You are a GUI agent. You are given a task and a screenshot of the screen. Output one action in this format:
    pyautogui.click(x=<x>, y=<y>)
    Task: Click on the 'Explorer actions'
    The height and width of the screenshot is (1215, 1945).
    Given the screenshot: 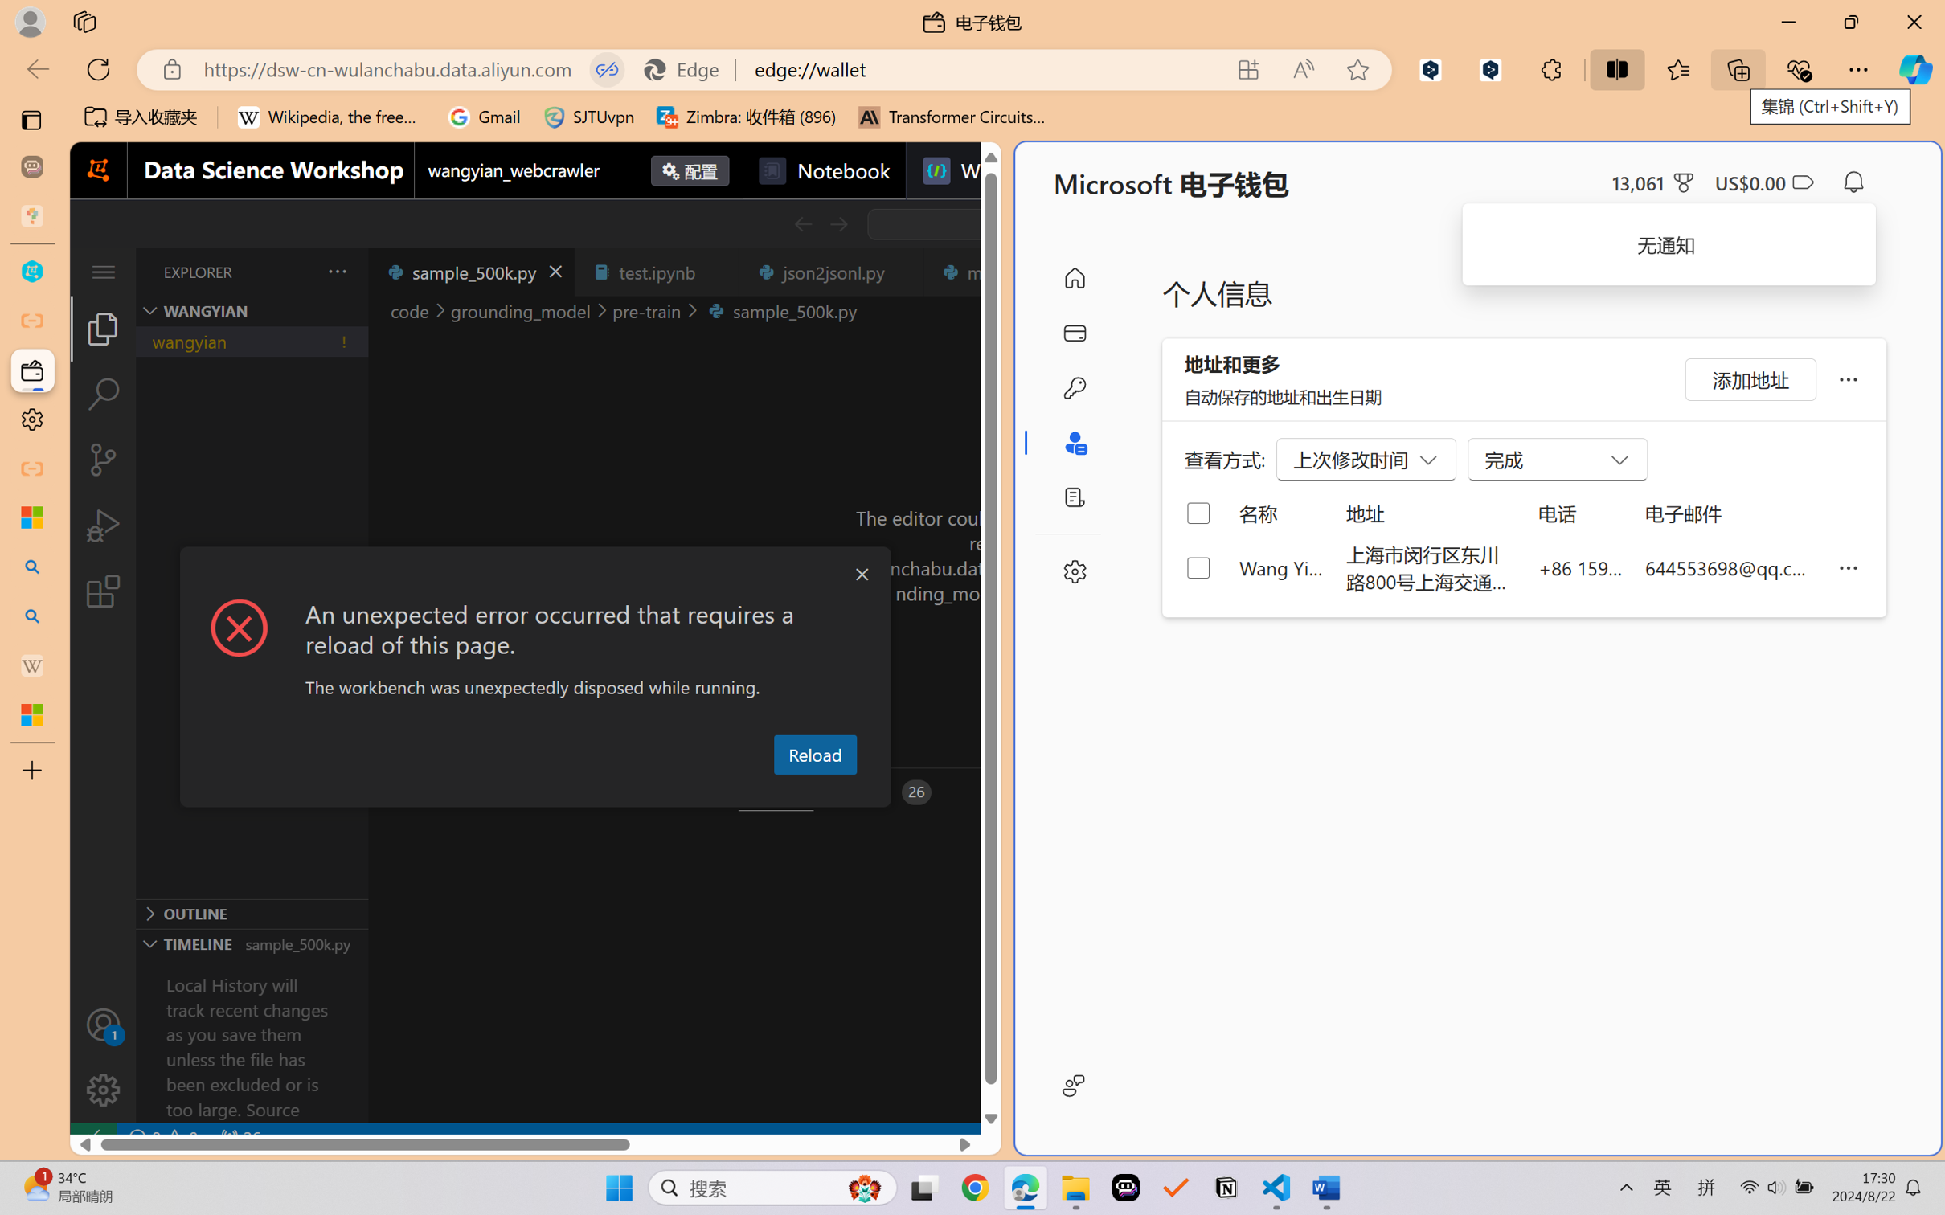 What is the action you would take?
    pyautogui.click(x=297, y=271)
    